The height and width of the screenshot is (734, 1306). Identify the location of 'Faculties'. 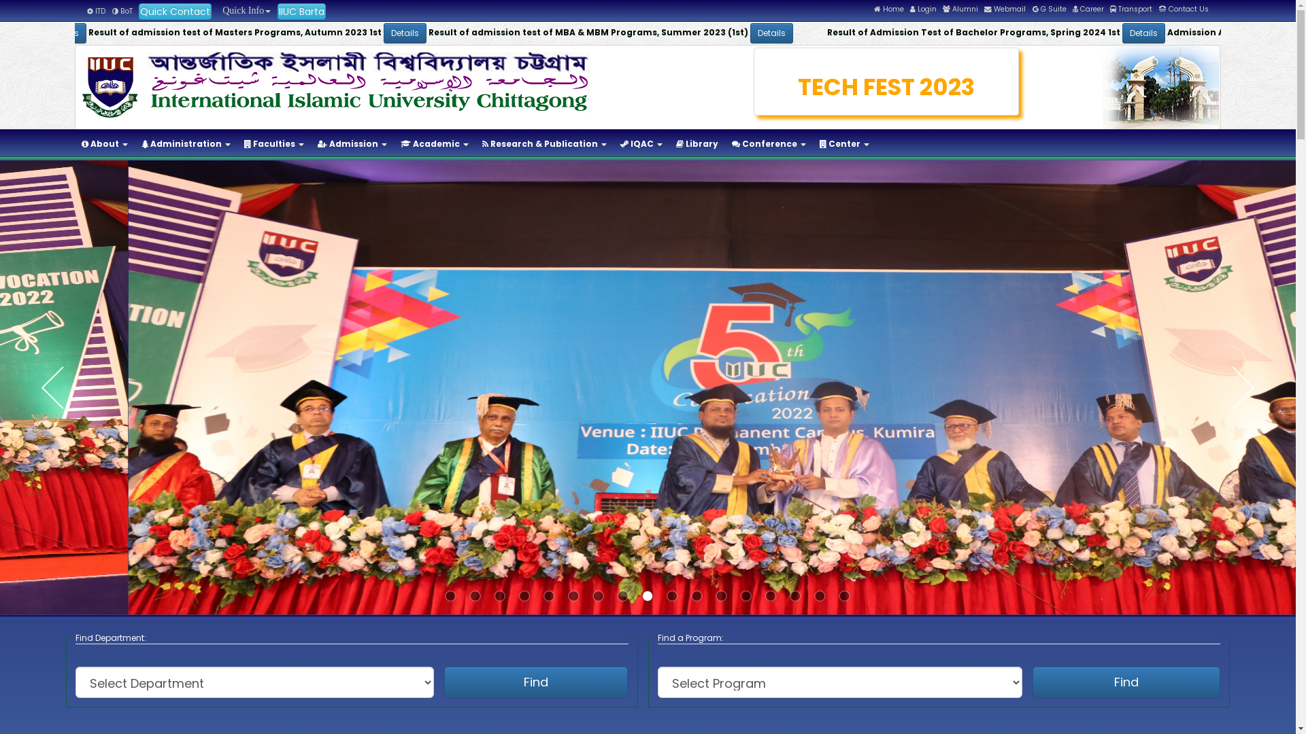
(273, 144).